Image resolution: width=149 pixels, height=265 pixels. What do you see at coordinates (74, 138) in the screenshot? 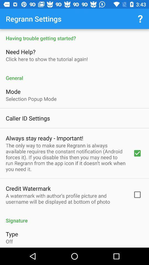
I see `settings menu` at bounding box center [74, 138].